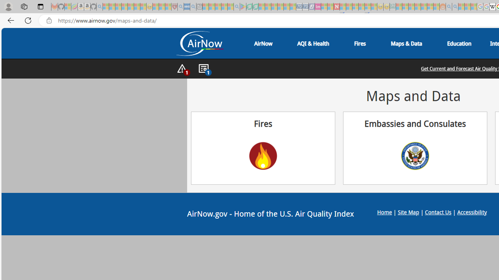 The height and width of the screenshot is (280, 499). I want to click on 'AutomationID: nav-announcements-toggle', so click(203, 68).